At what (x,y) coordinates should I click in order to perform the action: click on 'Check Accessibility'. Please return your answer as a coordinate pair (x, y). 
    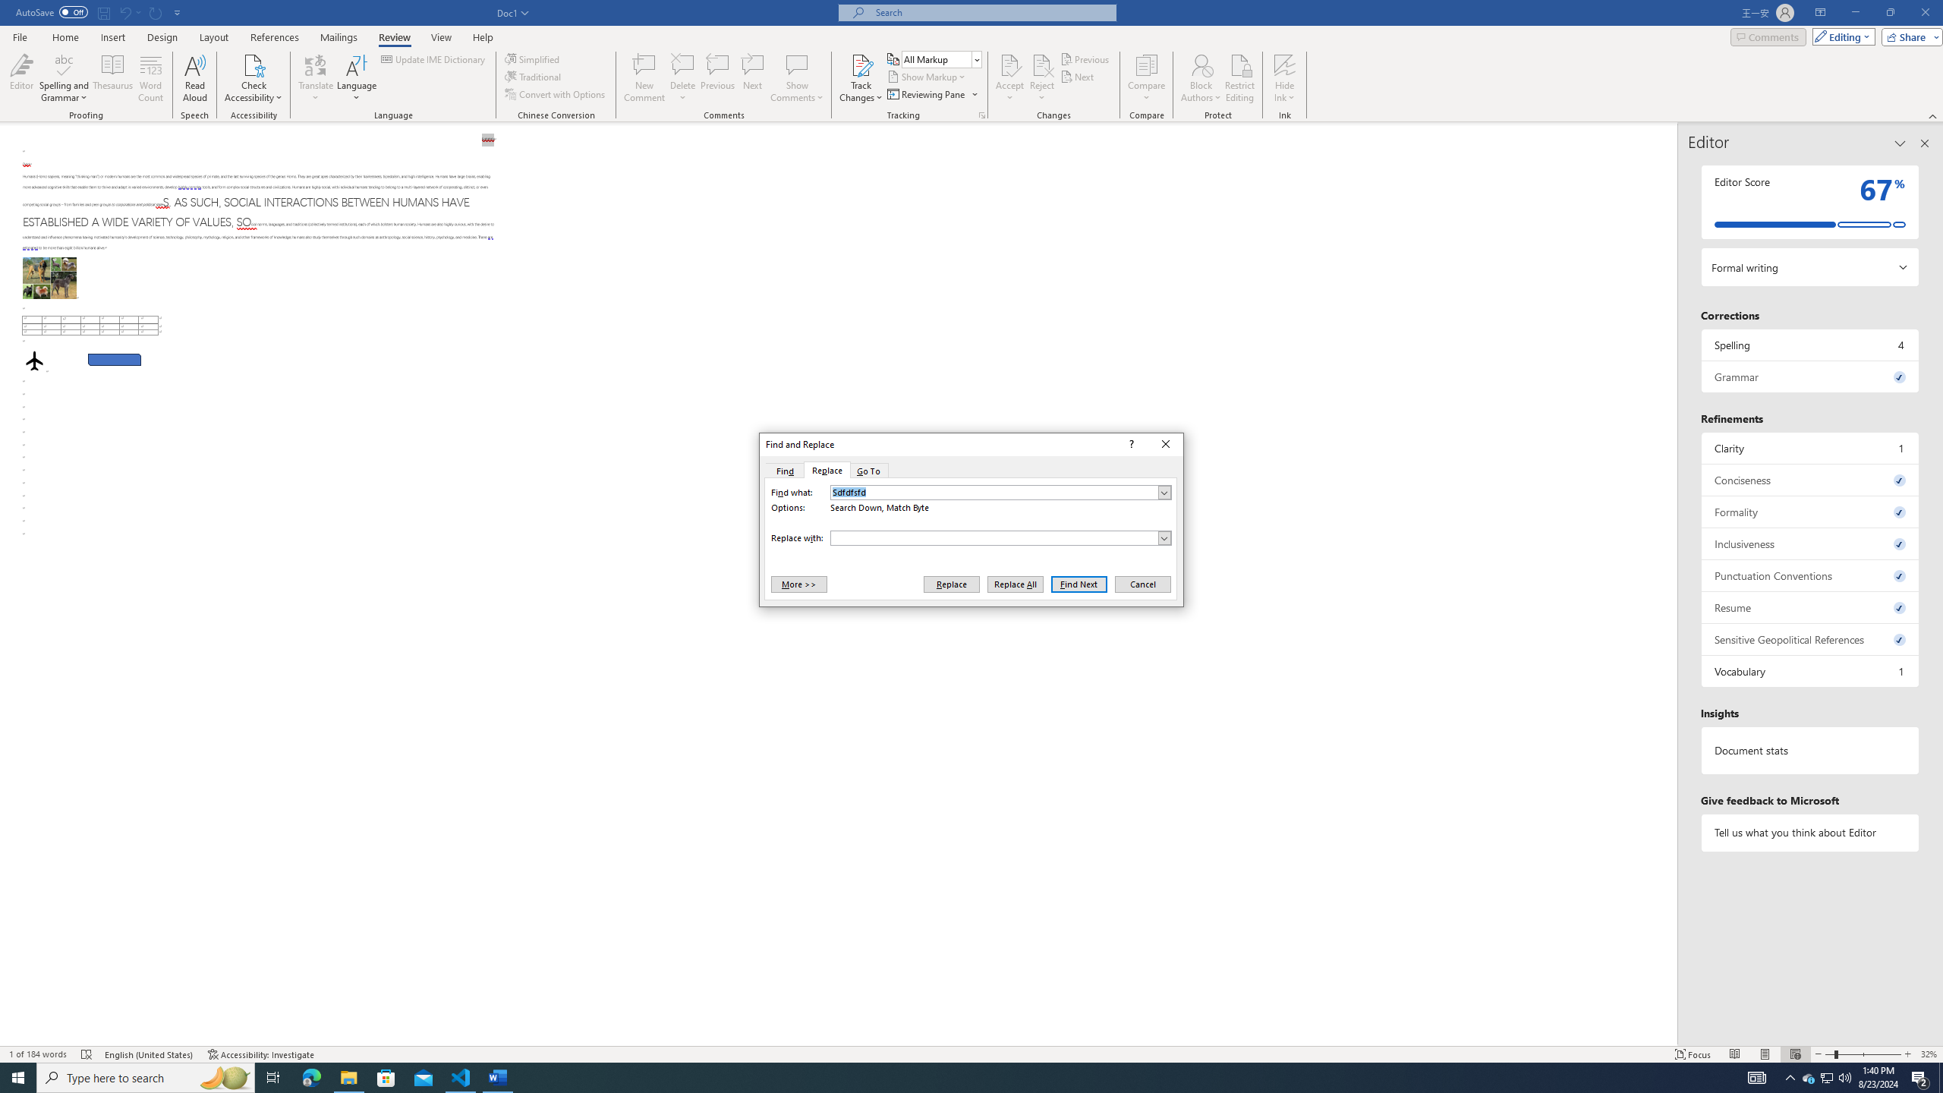
    Looking at the image, I should click on (254, 78).